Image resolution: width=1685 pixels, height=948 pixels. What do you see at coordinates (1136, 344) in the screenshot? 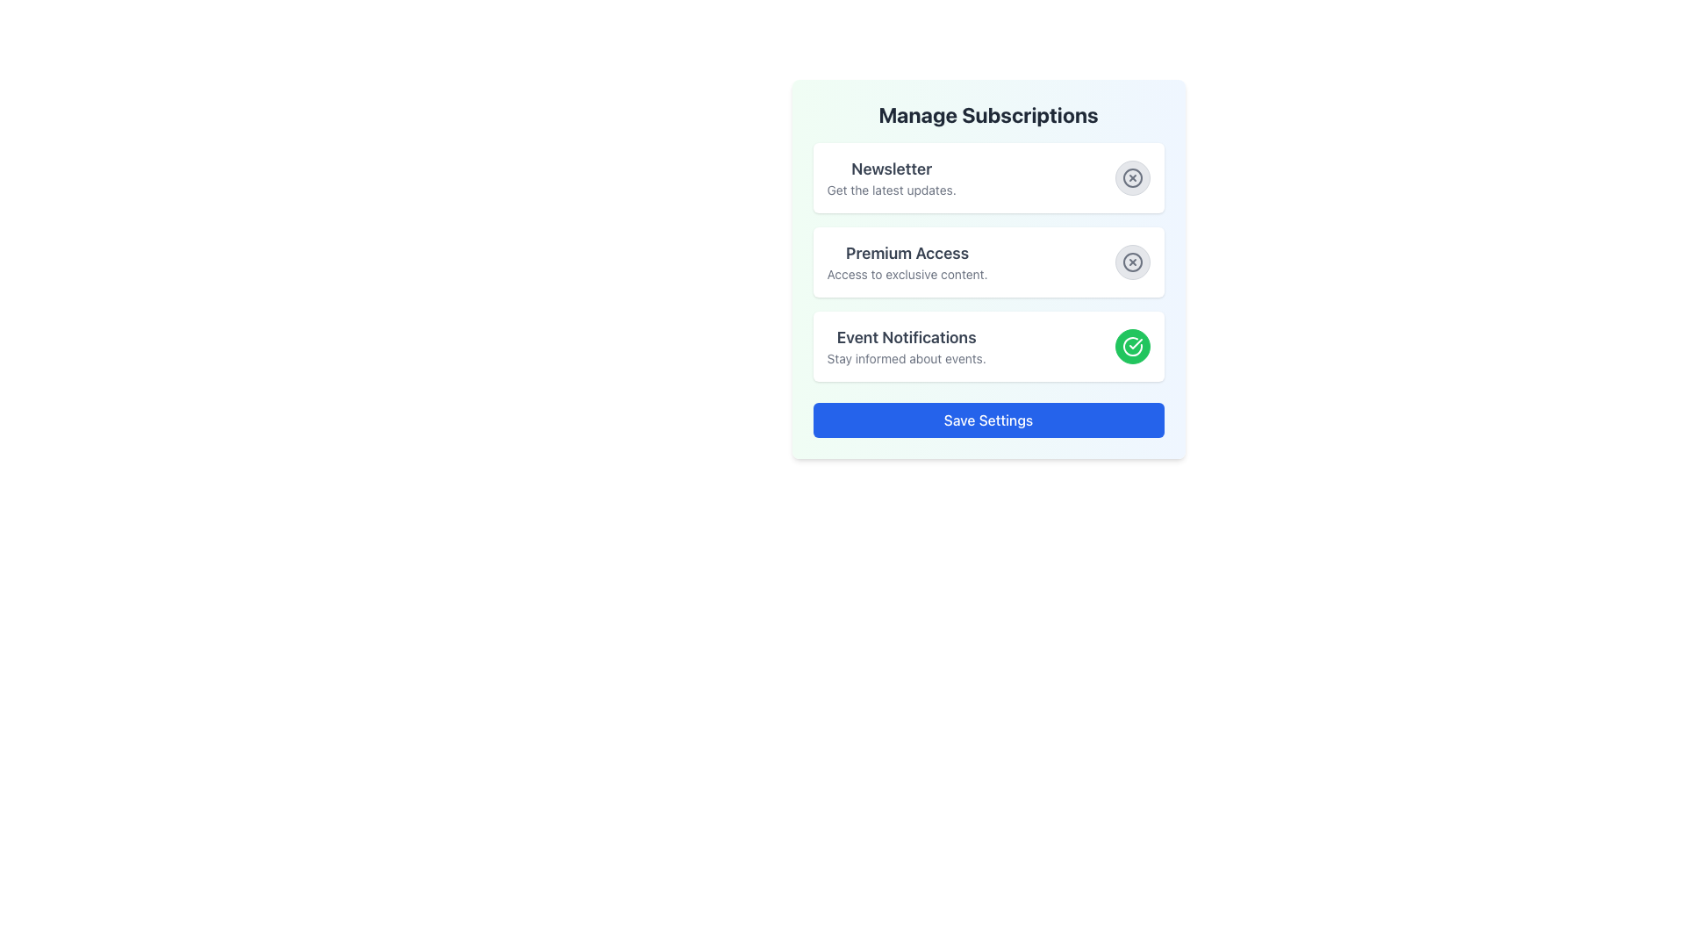
I see `the small checkmark icon, which is part of an SVG image and located next to the 'Event Notifications' label, as a visual indicator` at bounding box center [1136, 344].